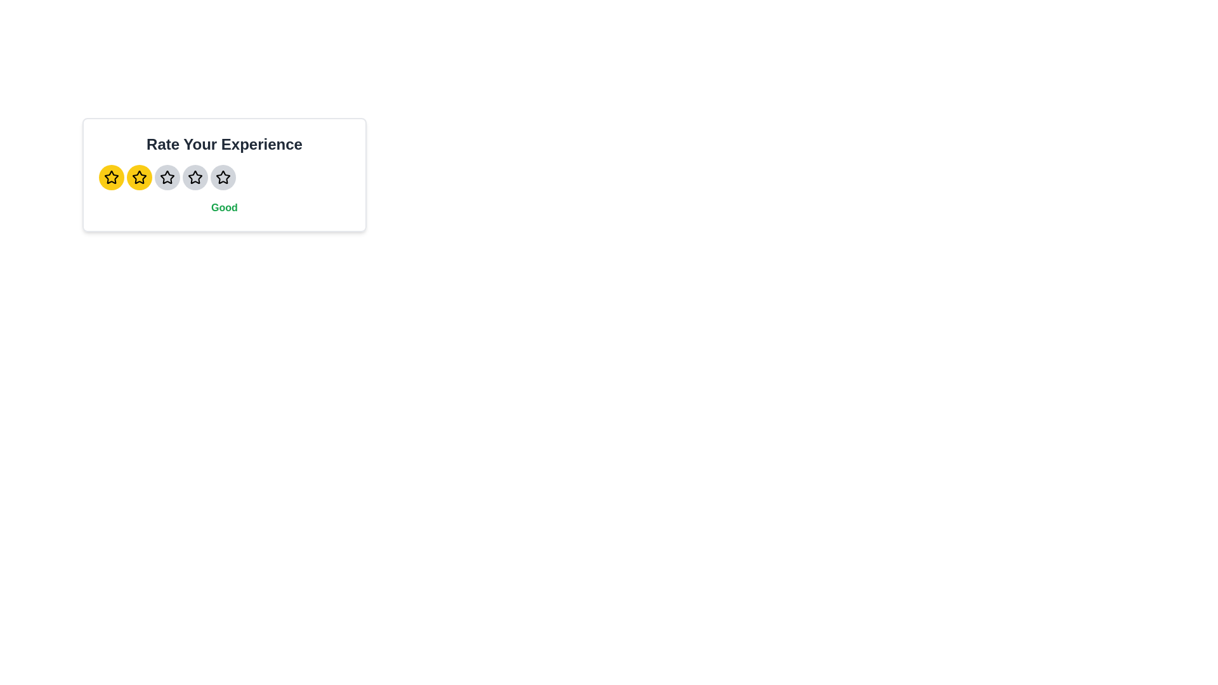 Image resolution: width=1218 pixels, height=685 pixels. Describe the element at coordinates (140, 178) in the screenshot. I see `the second star icon button, which is outlined with a yellow-filled circular background` at that location.